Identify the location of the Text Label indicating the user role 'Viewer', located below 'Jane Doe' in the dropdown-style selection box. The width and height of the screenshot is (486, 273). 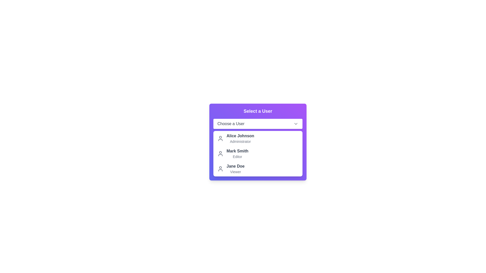
(235, 171).